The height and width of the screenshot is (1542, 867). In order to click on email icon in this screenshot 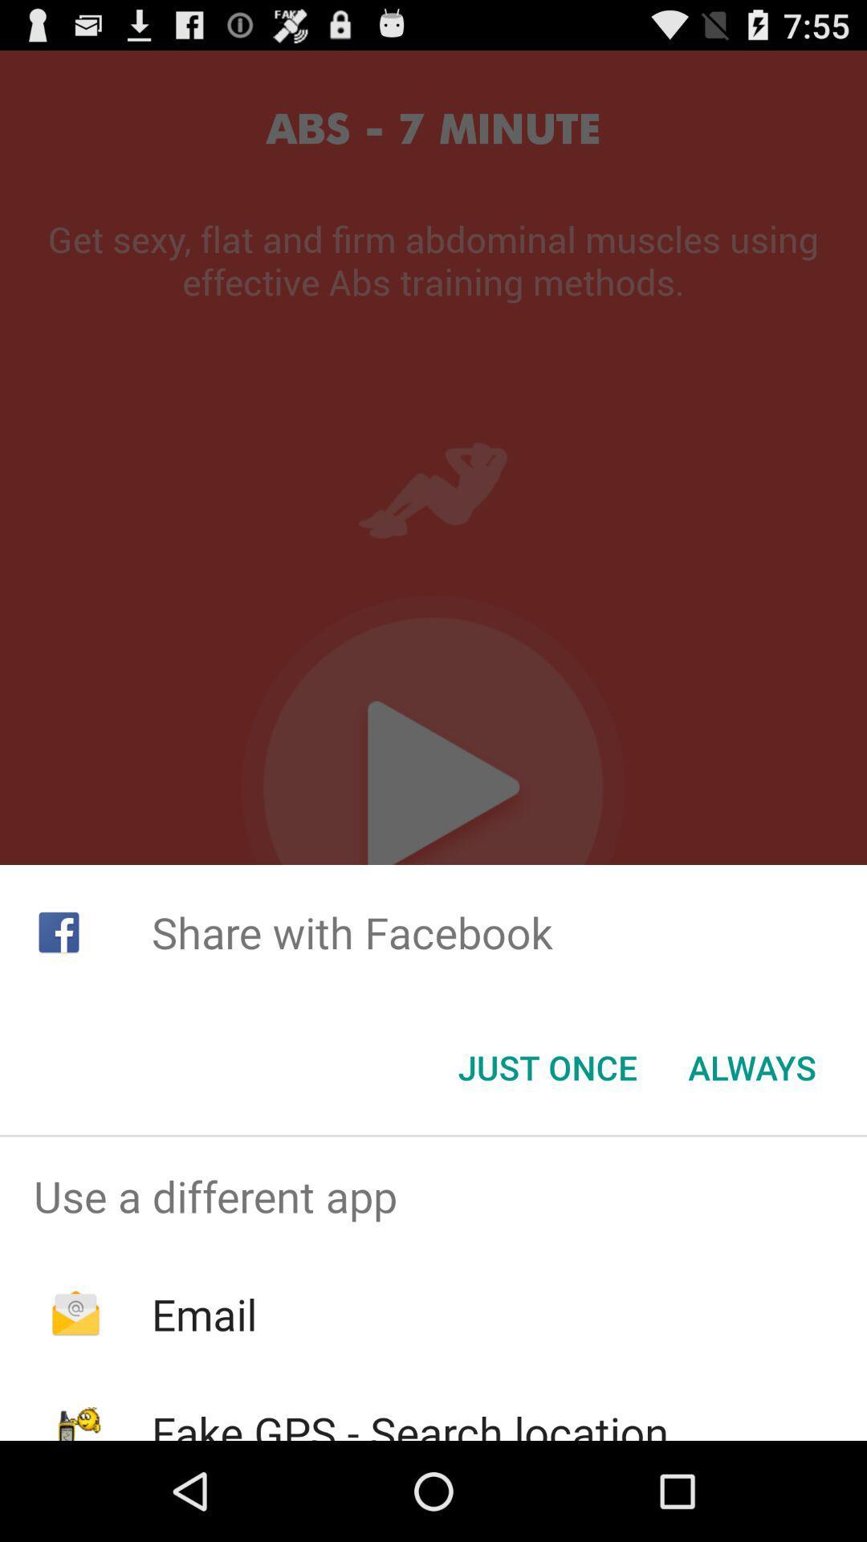, I will do `click(203, 1314)`.